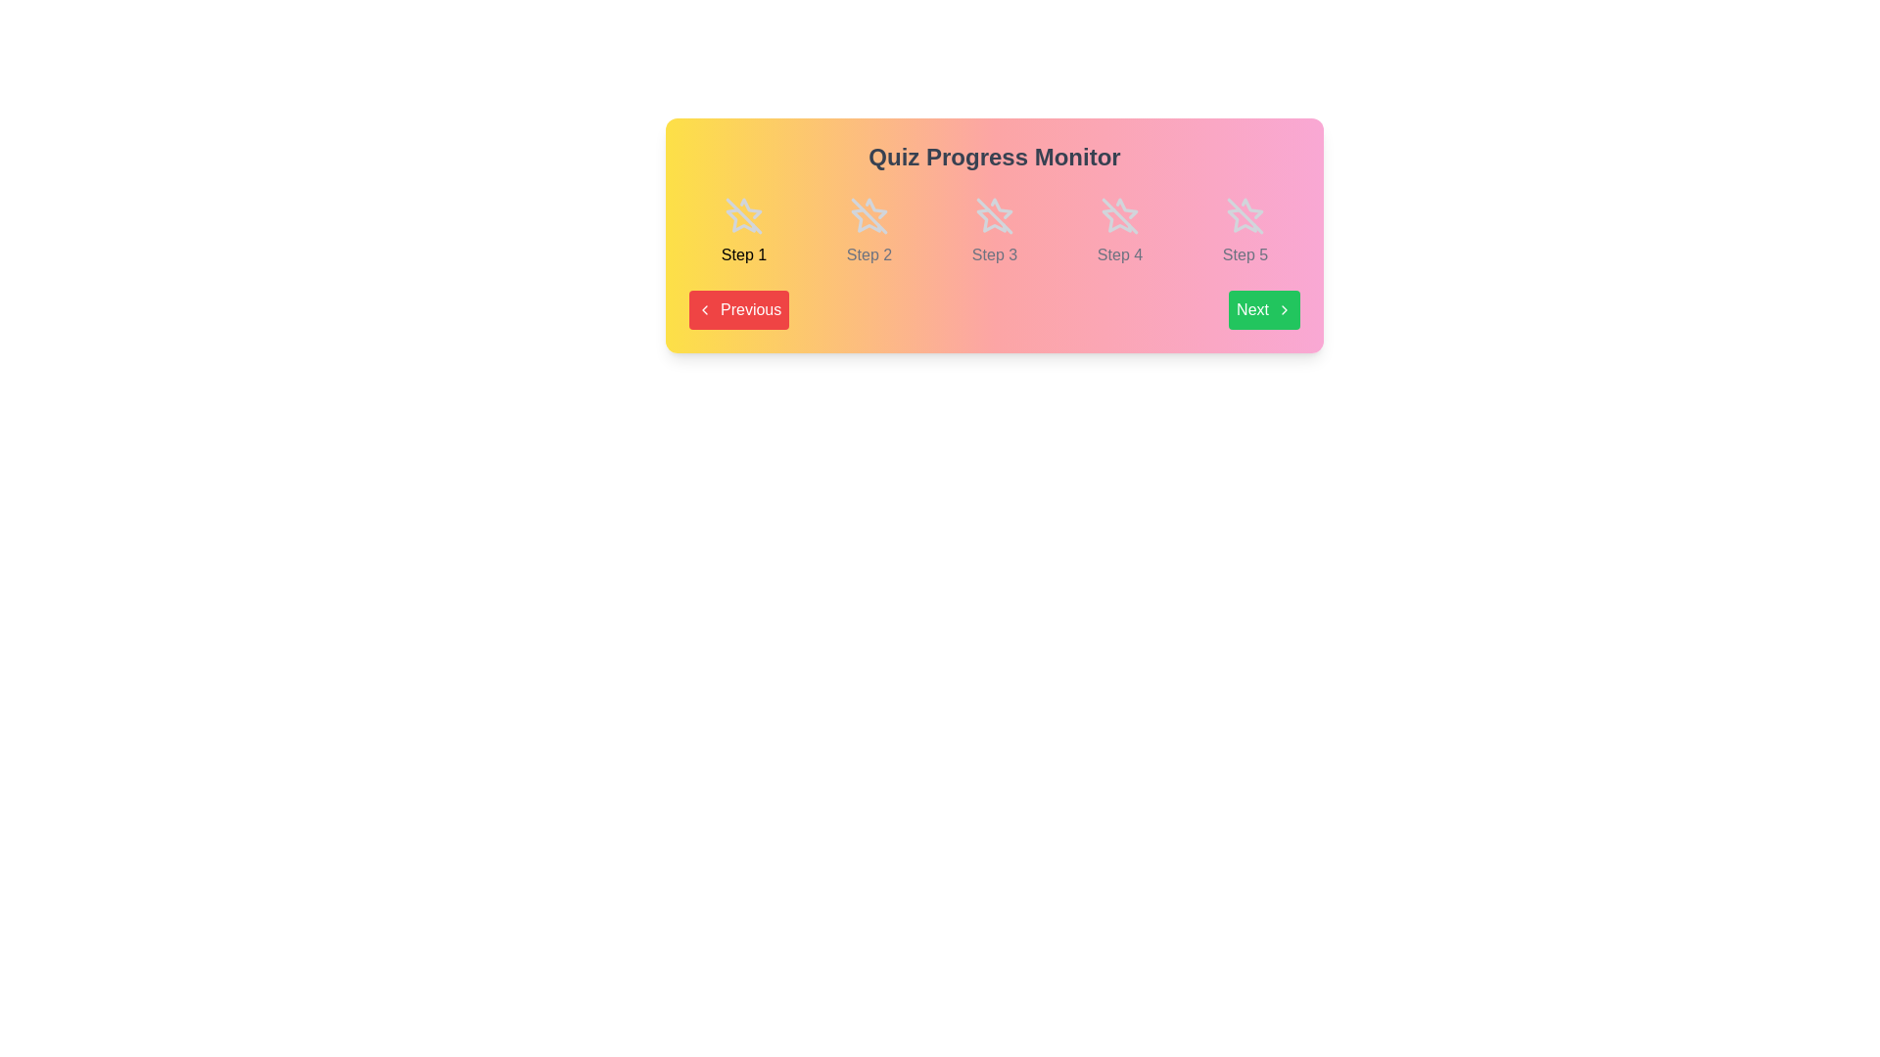 This screenshot has width=1880, height=1057. I want to click on the star-shaped vector graphic icon that is the third in a horizontal sequence of five stars, located under the text 'Step 3', so click(991, 220).